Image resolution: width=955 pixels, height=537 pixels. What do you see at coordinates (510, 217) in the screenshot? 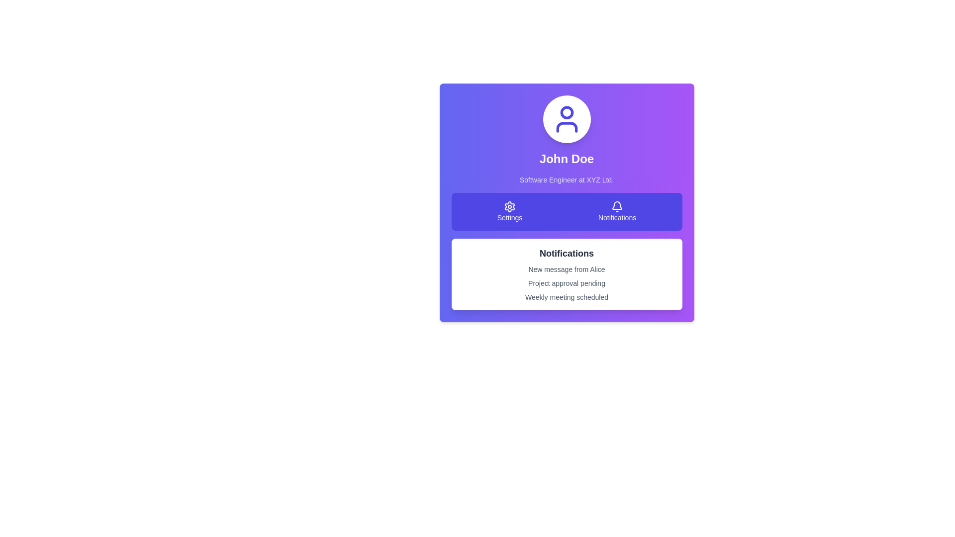
I see `the button labeled 'Settings', which is the leftmost option in a horizontal row of buttons, featuring white text on a purple background and a gear icon above it` at bounding box center [510, 217].